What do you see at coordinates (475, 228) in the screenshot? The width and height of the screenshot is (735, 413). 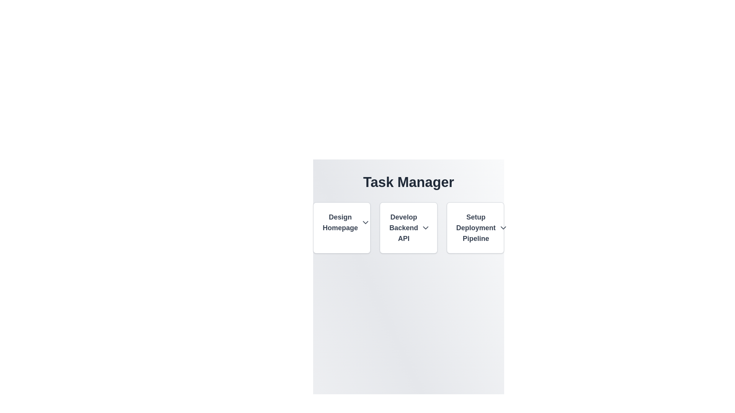 I see `the heading labeled 'Setup Deployment Pipeline', which is located at the bottom-center of its card in a horizontal sequence of cards` at bounding box center [475, 228].